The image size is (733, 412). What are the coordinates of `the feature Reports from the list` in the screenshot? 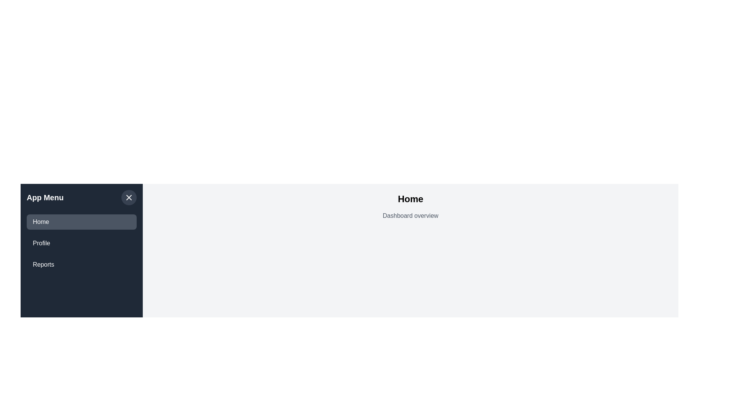 It's located at (82, 264).